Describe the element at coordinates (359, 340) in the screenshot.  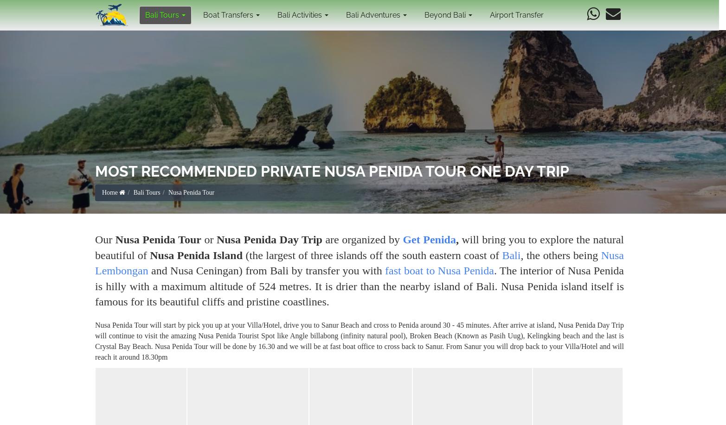
I see `'Nusa Penida Tour will start by pick you up at your Villa/Hotel, drive you to Sanur Beach and cross to Penida around 30 - 45 minutes. After arrive at island, Nusa Penida Day Trip will continue to visit the amazing Nusa Penida Tourist Spot like Angle billabong (infinity natural pool), Broken Beach (Known as Pasih Uug), Kelingking beach and the last is Crystal Bay Beach. Nusa Penida Tour will be done by 16.30 and we will be at fast boat office to cross back to Sanur. From Sanur you will drop back to your Villa/Hotel and will reach it around 18.30pm'` at that location.